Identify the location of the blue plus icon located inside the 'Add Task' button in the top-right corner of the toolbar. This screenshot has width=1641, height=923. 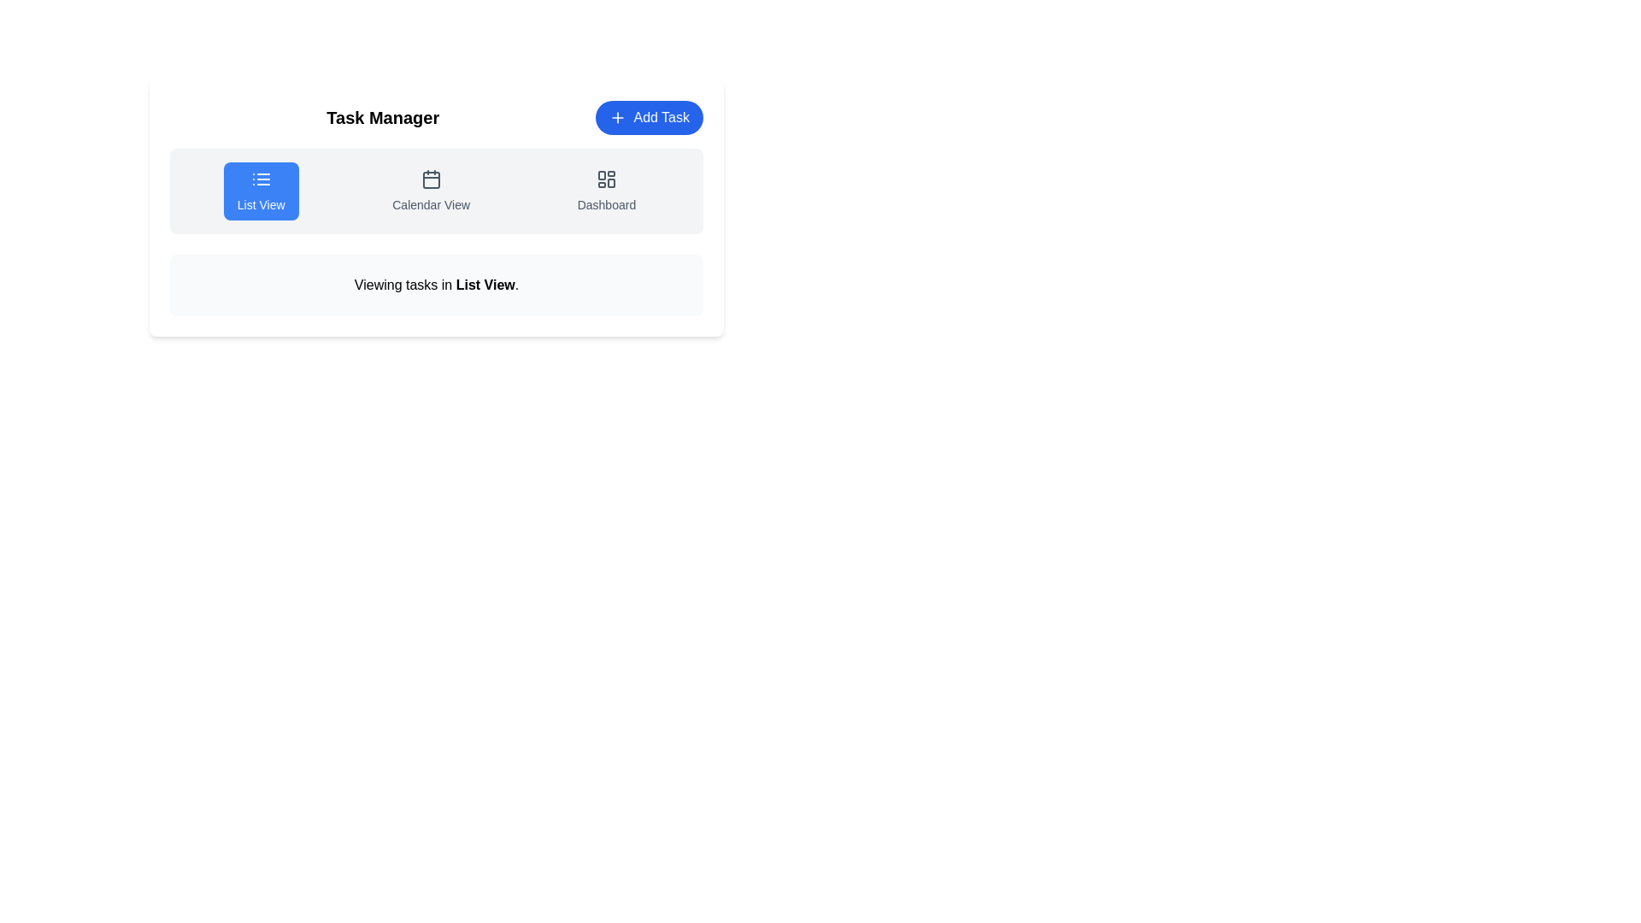
(617, 117).